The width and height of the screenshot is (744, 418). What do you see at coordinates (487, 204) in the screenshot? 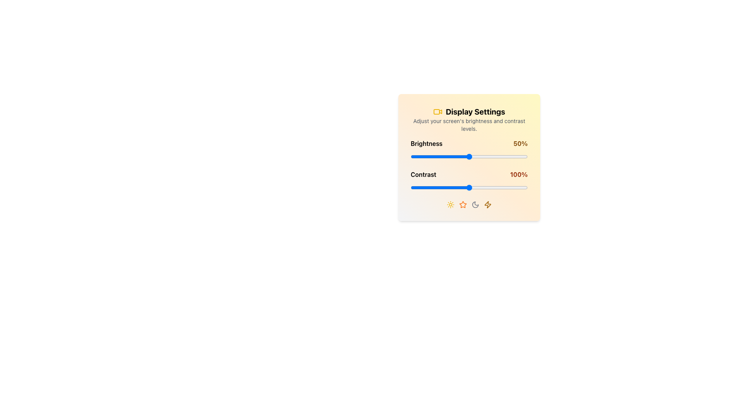
I see `the fifth icon from the left in the row of icons below the contrast and brightness sliders` at bounding box center [487, 204].